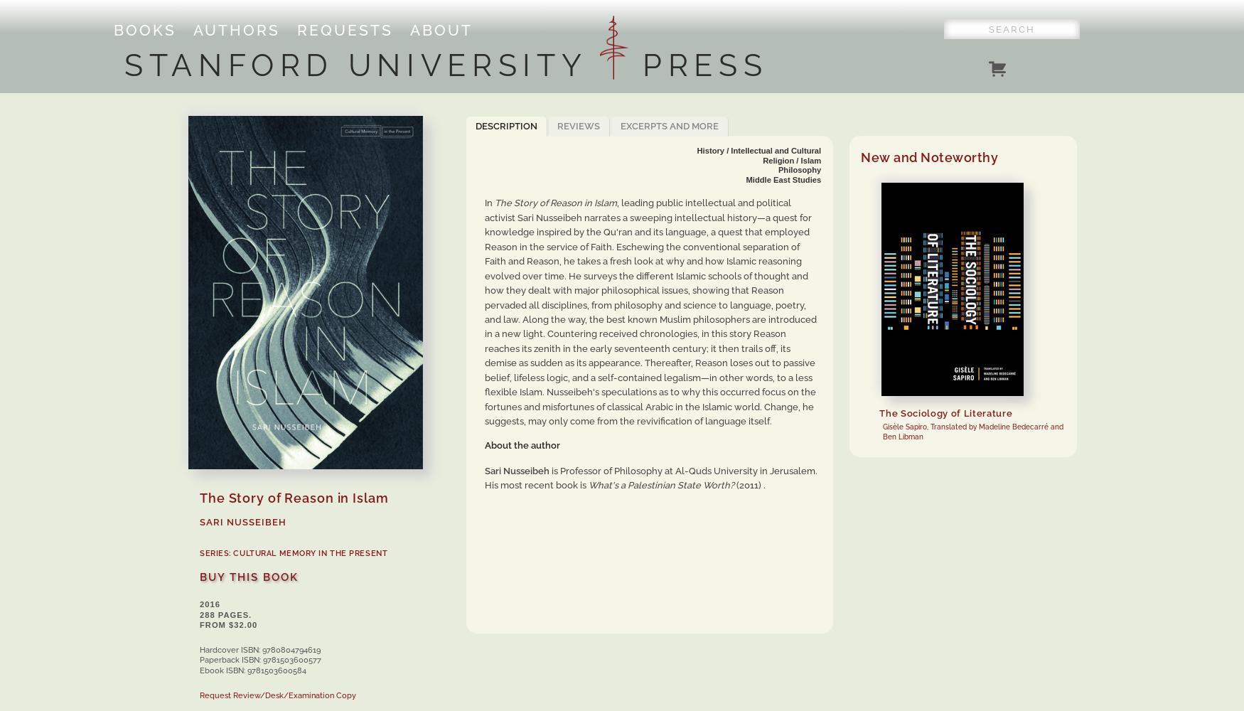  What do you see at coordinates (783, 179) in the screenshot?
I see `'Middle East Studies'` at bounding box center [783, 179].